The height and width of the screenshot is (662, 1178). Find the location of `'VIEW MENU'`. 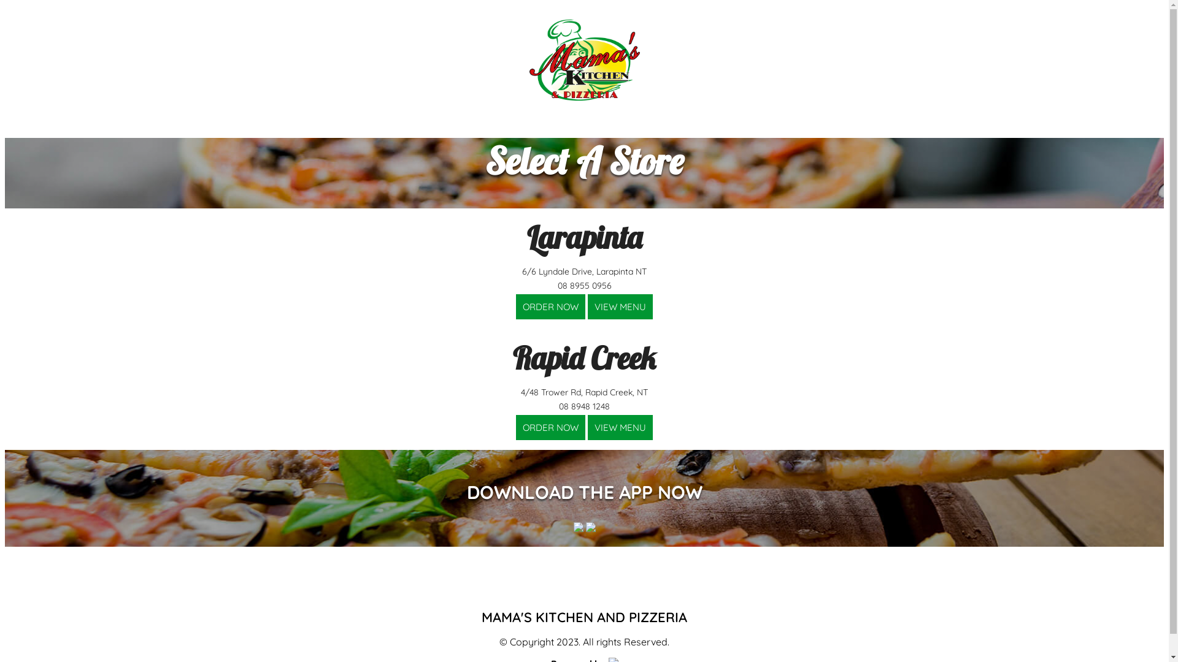

'VIEW MENU' is located at coordinates (620, 306).